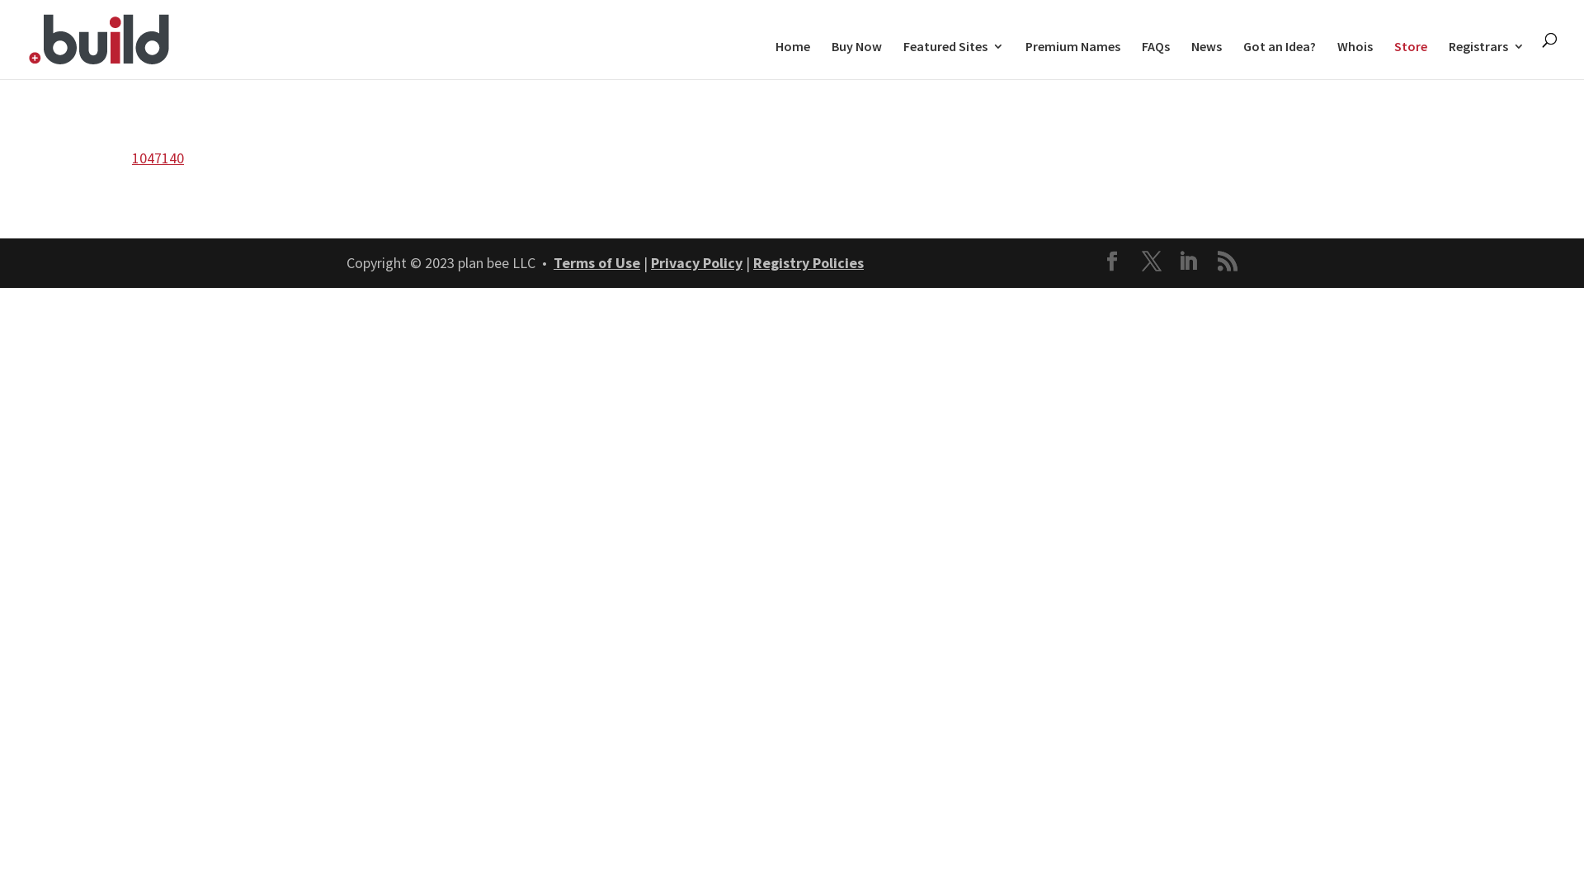 This screenshot has height=891, width=1584. I want to click on 'Premium Names', so click(1072, 59).